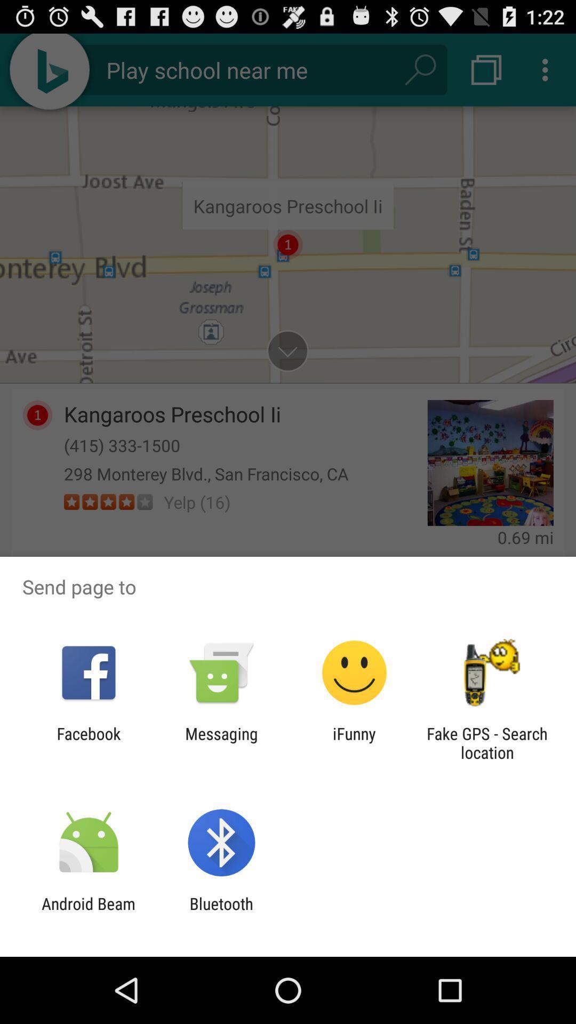  Describe the element at coordinates (88, 742) in the screenshot. I see `the facebook icon` at that location.